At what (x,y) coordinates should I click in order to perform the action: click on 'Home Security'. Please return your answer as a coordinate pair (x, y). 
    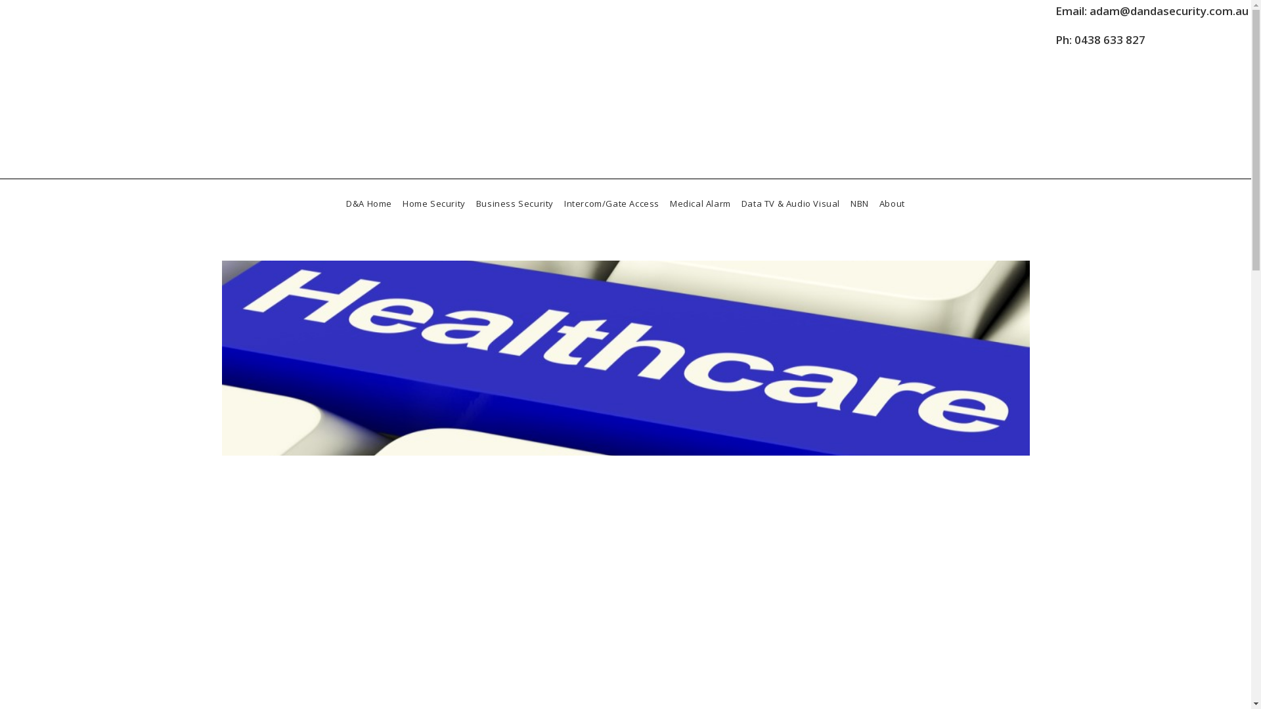
    Looking at the image, I should click on (434, 203).